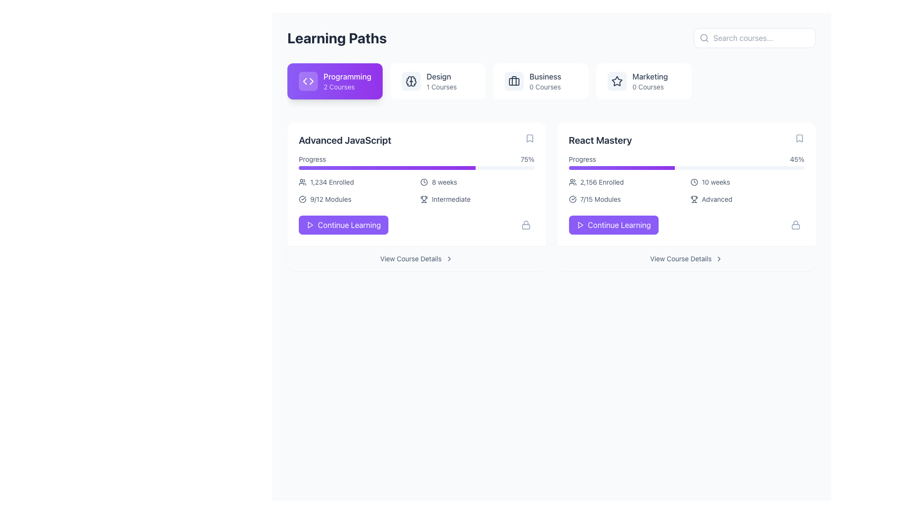 The width and height of the screenshot is (915, 514). What do you see at coordinates (694, 182) in the screenshot?
I see `the clock icon representing the course duration of '10 weeks' located to the left of the text '10 weeks' in the 'React Mastery' section` at bounding box center [694, 182].